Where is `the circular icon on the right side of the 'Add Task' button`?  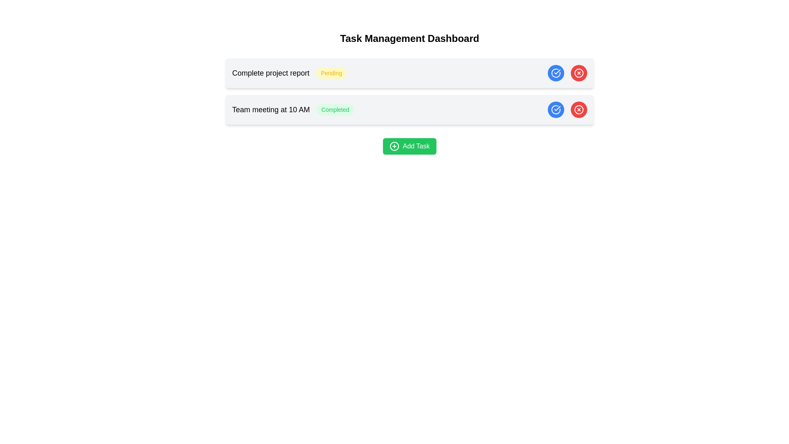
the circular icon on the right side of the 'Add Task' button is located at coordinates (394, 146).